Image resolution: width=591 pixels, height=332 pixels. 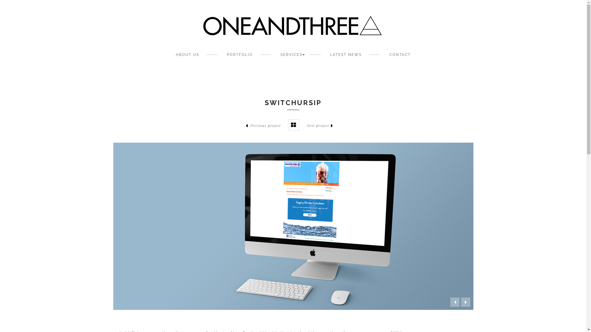 I want to click on 'SERVICES', so click(x=291, y=54).